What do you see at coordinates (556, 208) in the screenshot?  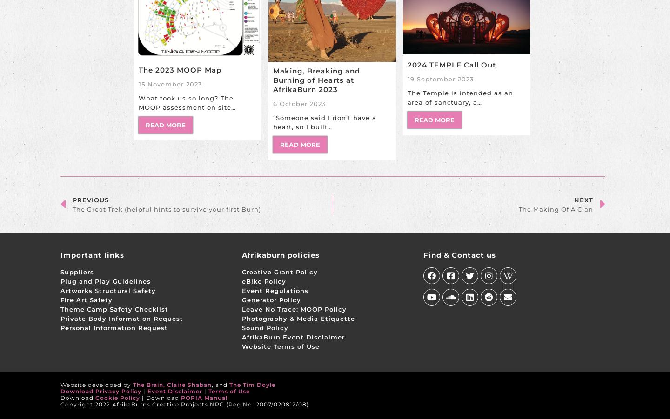 I see `'The Making Of A Clan'` at bounding box center [556, 208].